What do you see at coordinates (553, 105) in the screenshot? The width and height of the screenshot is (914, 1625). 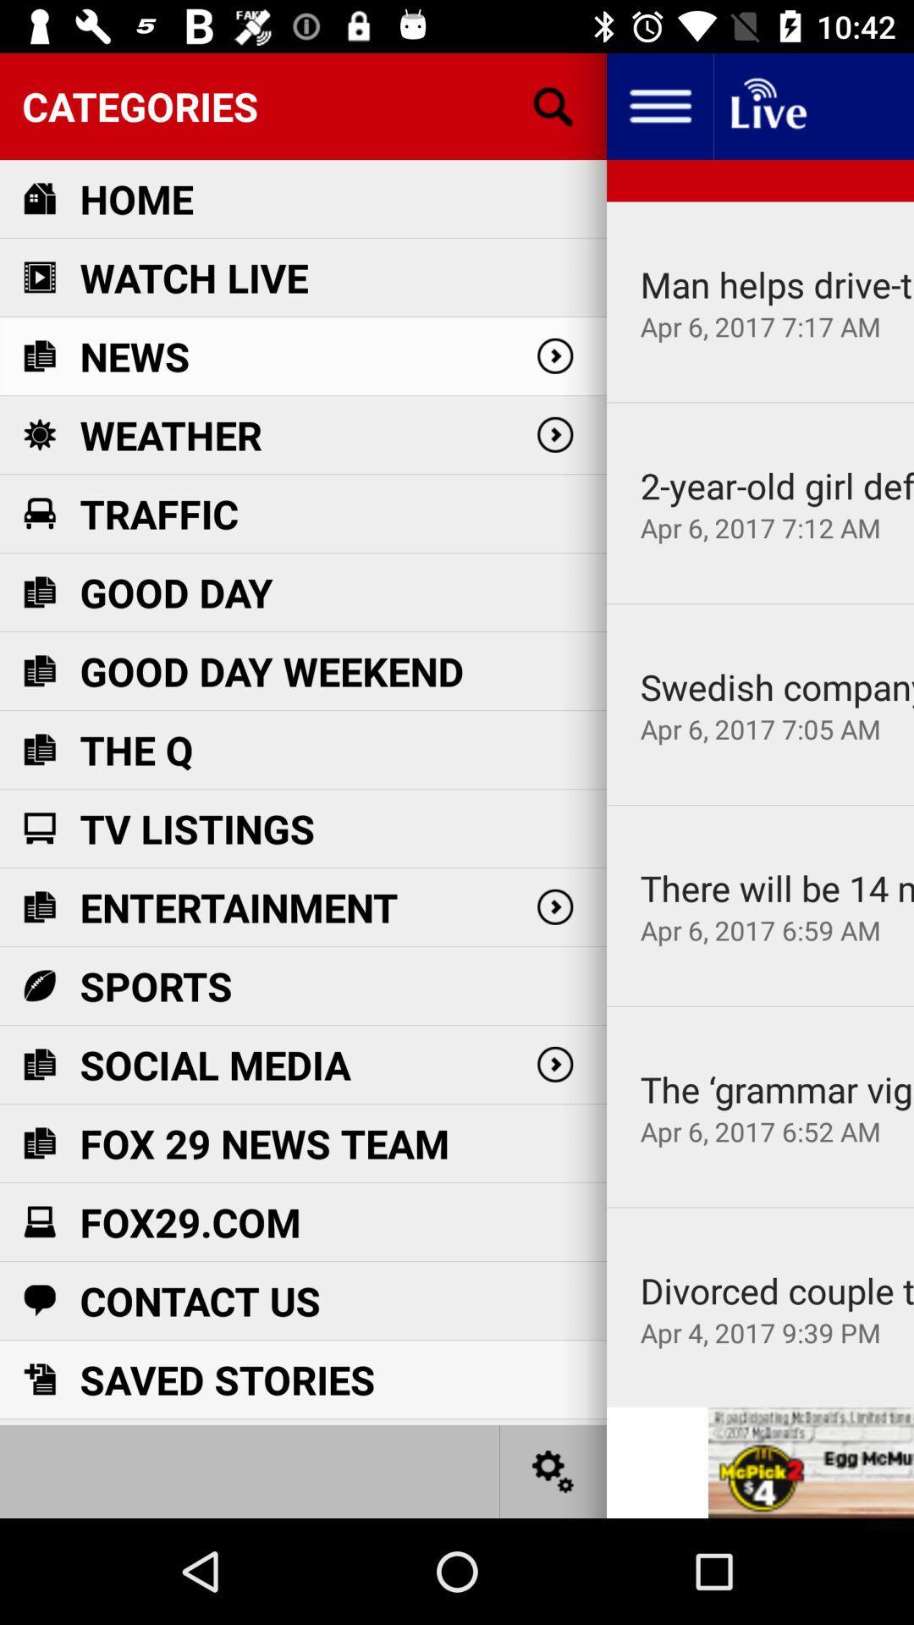 I see `search` at bounding box center [553, 105].